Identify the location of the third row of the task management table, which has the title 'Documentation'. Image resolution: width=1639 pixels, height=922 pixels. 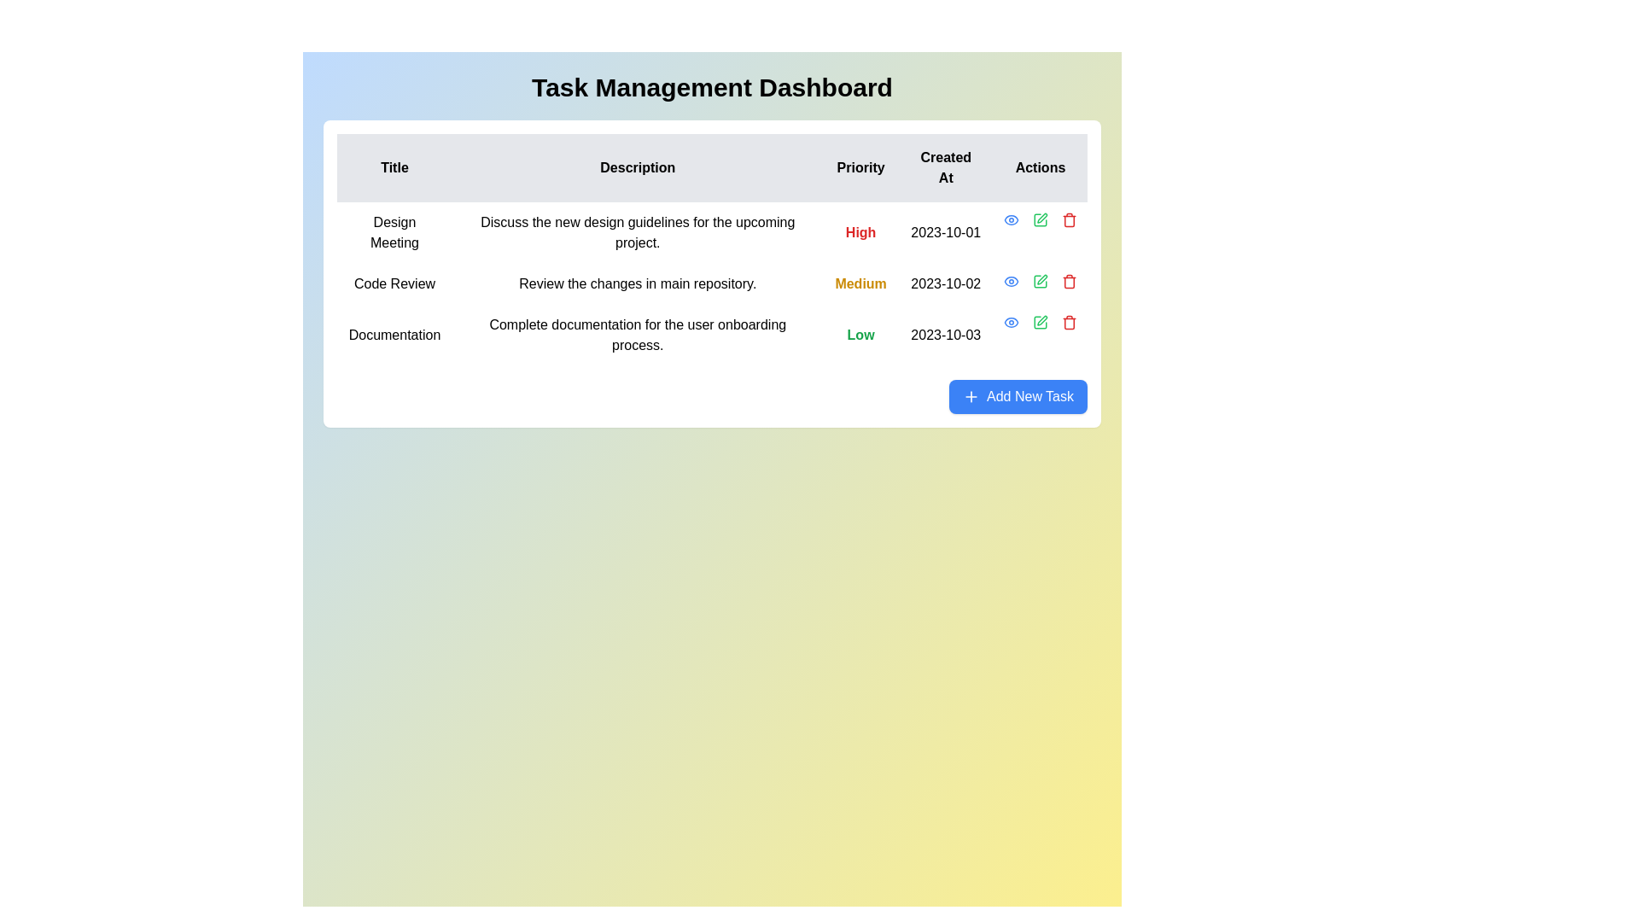
(712, 336).